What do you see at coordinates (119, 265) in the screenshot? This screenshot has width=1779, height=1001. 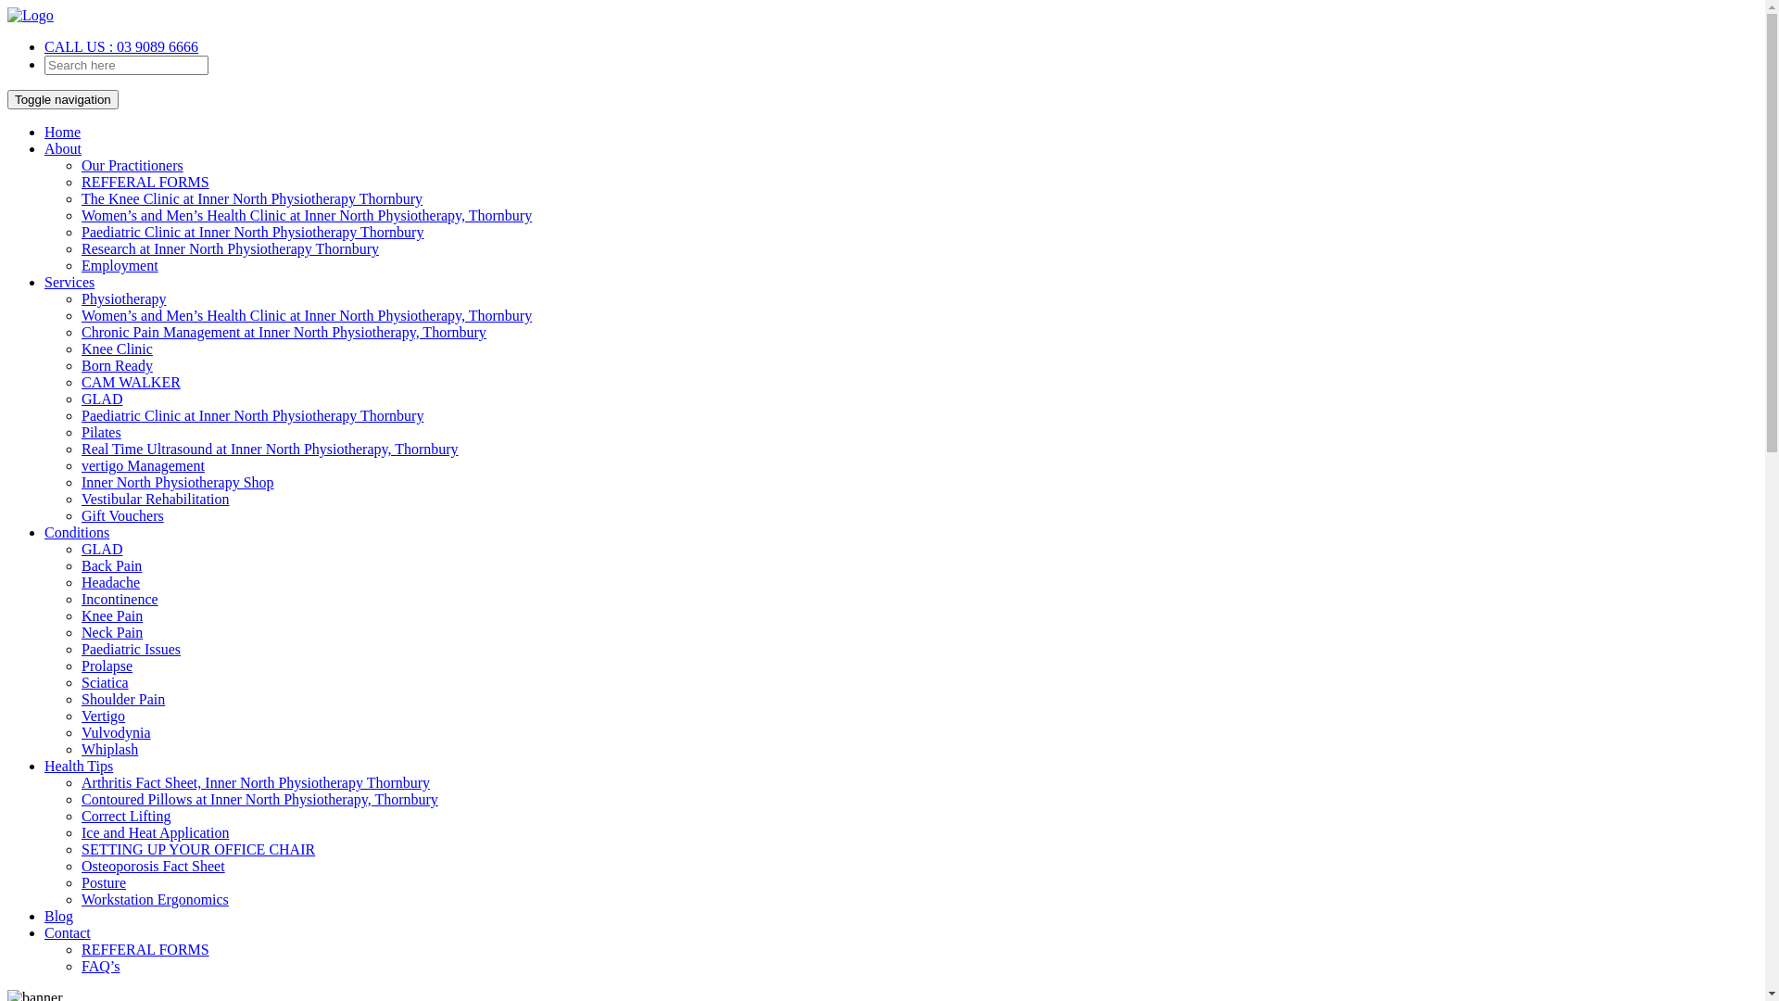 I see `'Employment'` at bounding box center [119, 265].